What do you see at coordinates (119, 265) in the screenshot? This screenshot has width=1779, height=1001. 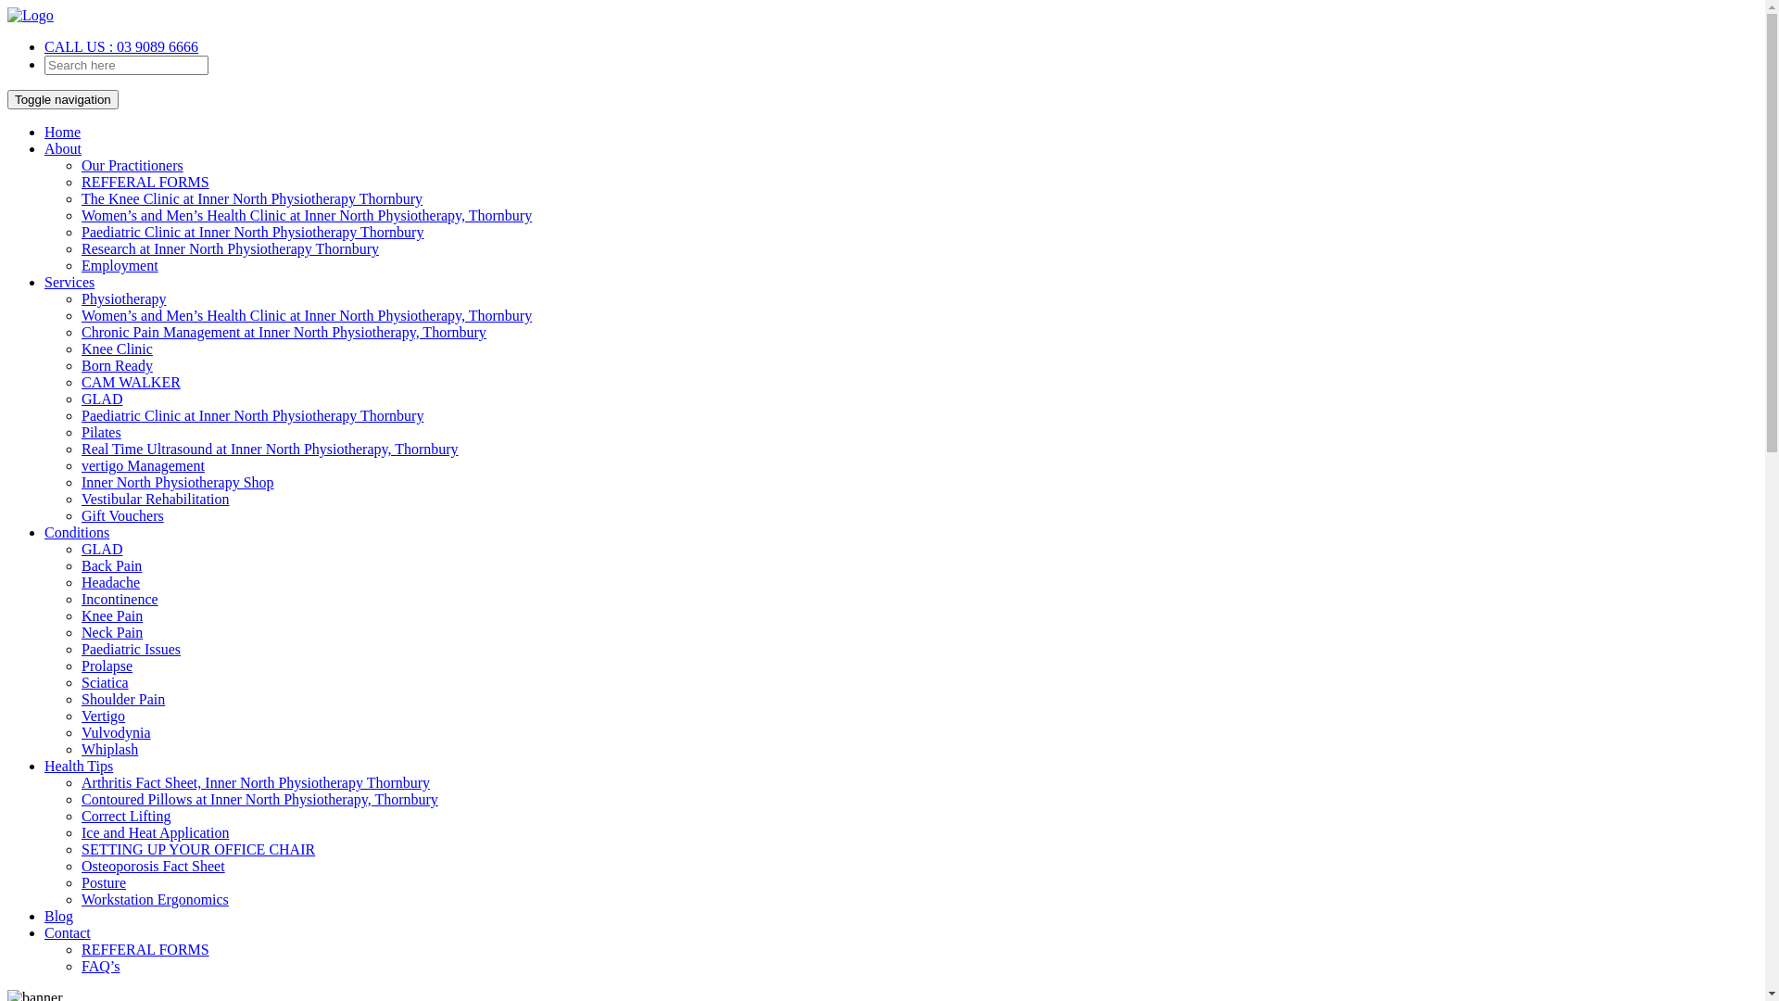 I see `'Employment'` at bounding box center [119, 265].